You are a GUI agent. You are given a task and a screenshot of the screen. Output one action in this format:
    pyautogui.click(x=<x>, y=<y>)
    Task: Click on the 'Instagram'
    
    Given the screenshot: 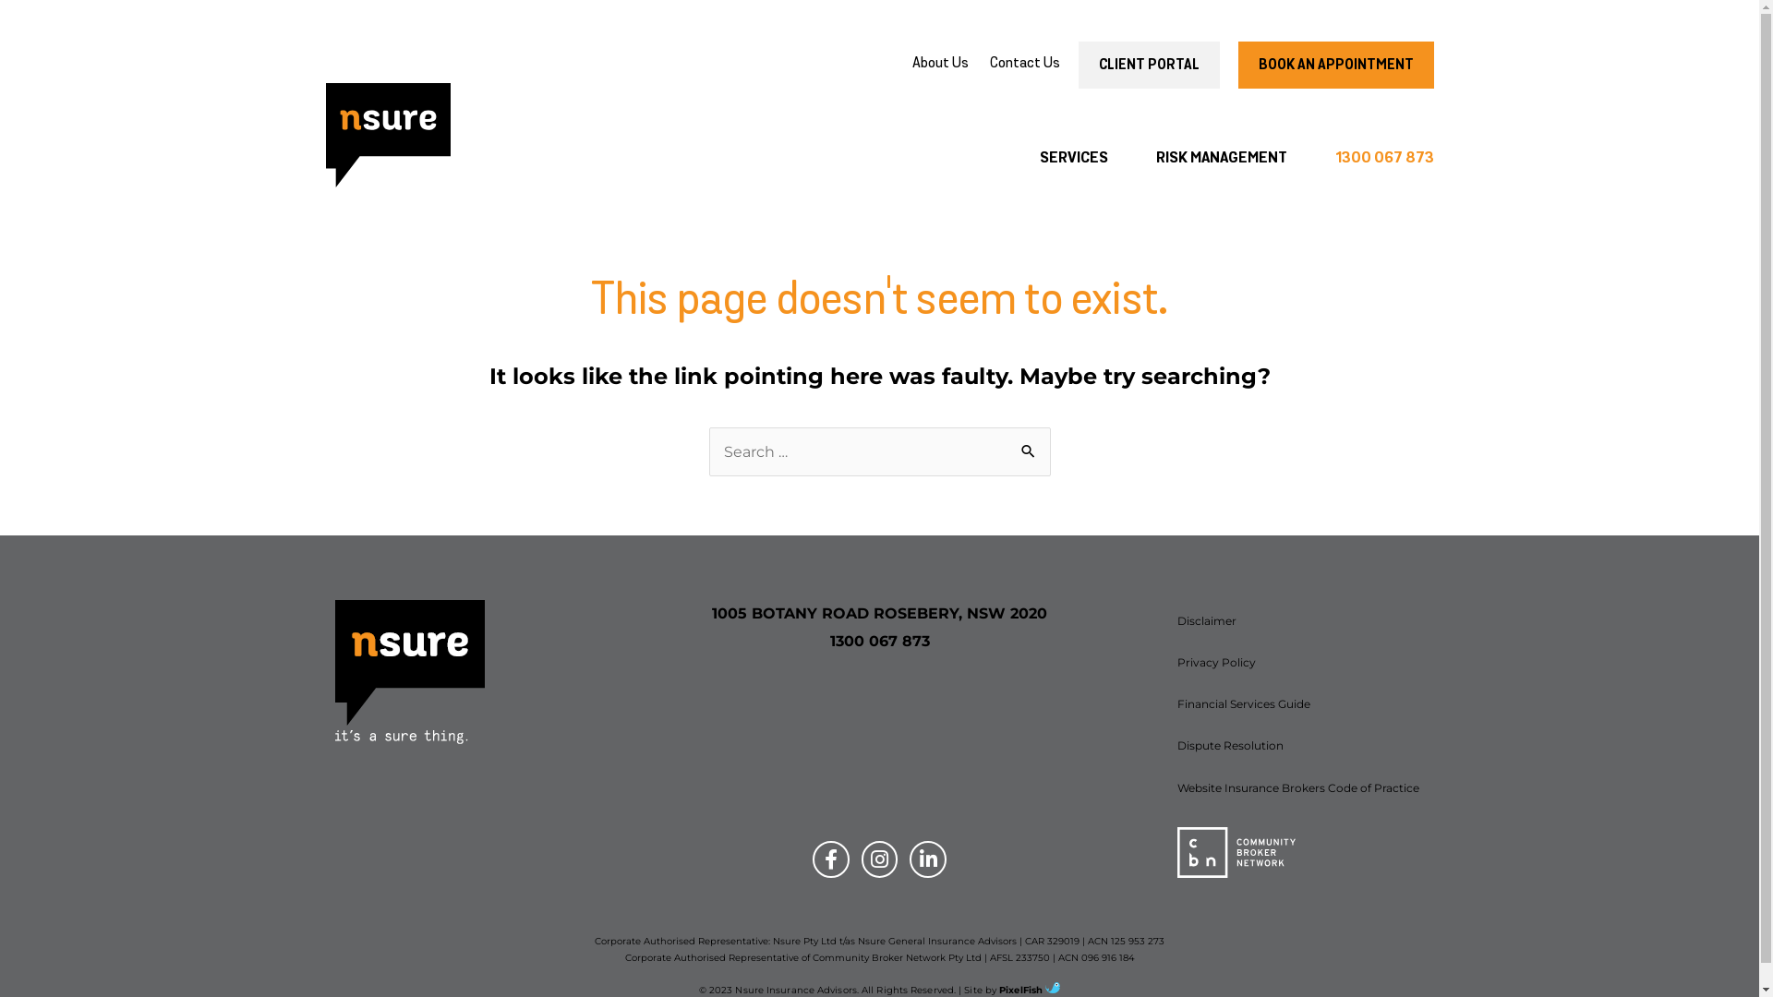 What is the action you would take?
    pyautogui.click(x=879, y=859)
    